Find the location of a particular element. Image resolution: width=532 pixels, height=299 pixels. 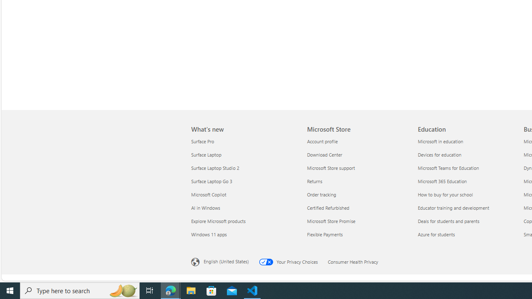

'Surface Laptop' is located at coordinates (244, 154).